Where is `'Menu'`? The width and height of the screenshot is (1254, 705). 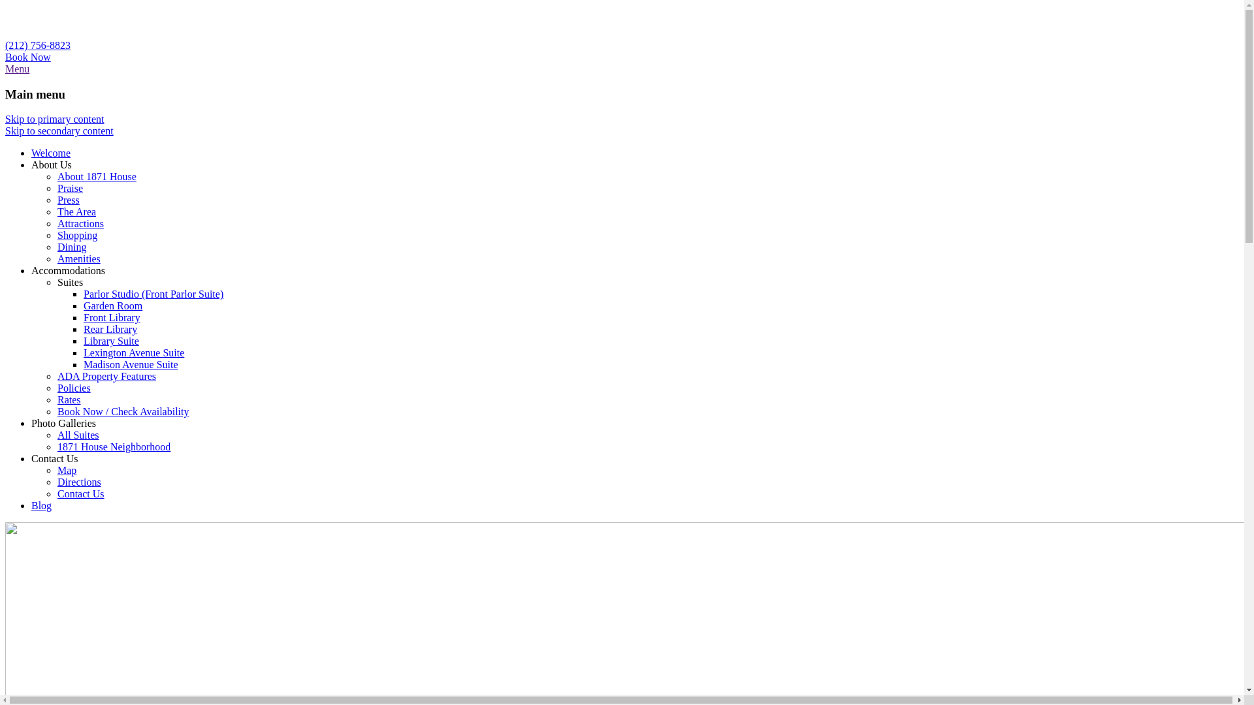 'Menu' is located at coordinates (17, 69).